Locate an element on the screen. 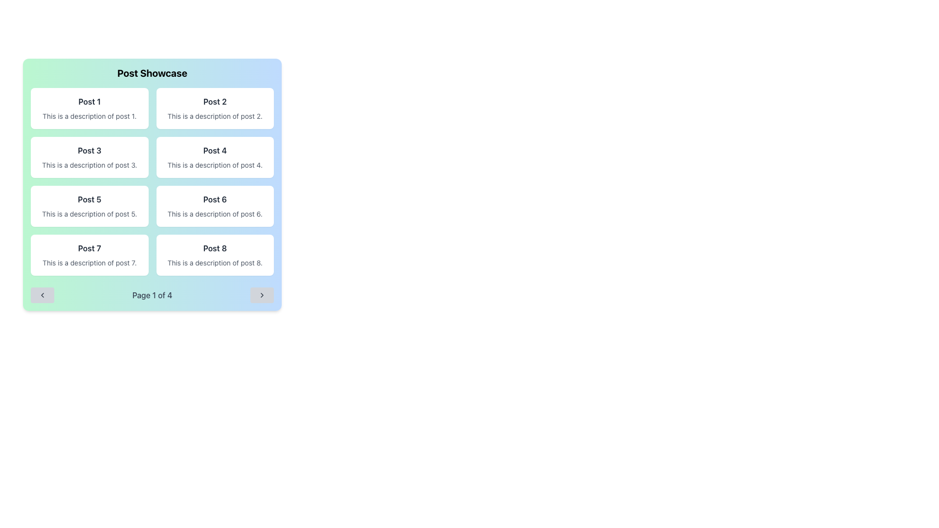  the description text for the post titled 'Post 3', located below the bold title in the third card of the 2x4 grid in the 'Post Showcase' section is located at coordinates (89, 165).